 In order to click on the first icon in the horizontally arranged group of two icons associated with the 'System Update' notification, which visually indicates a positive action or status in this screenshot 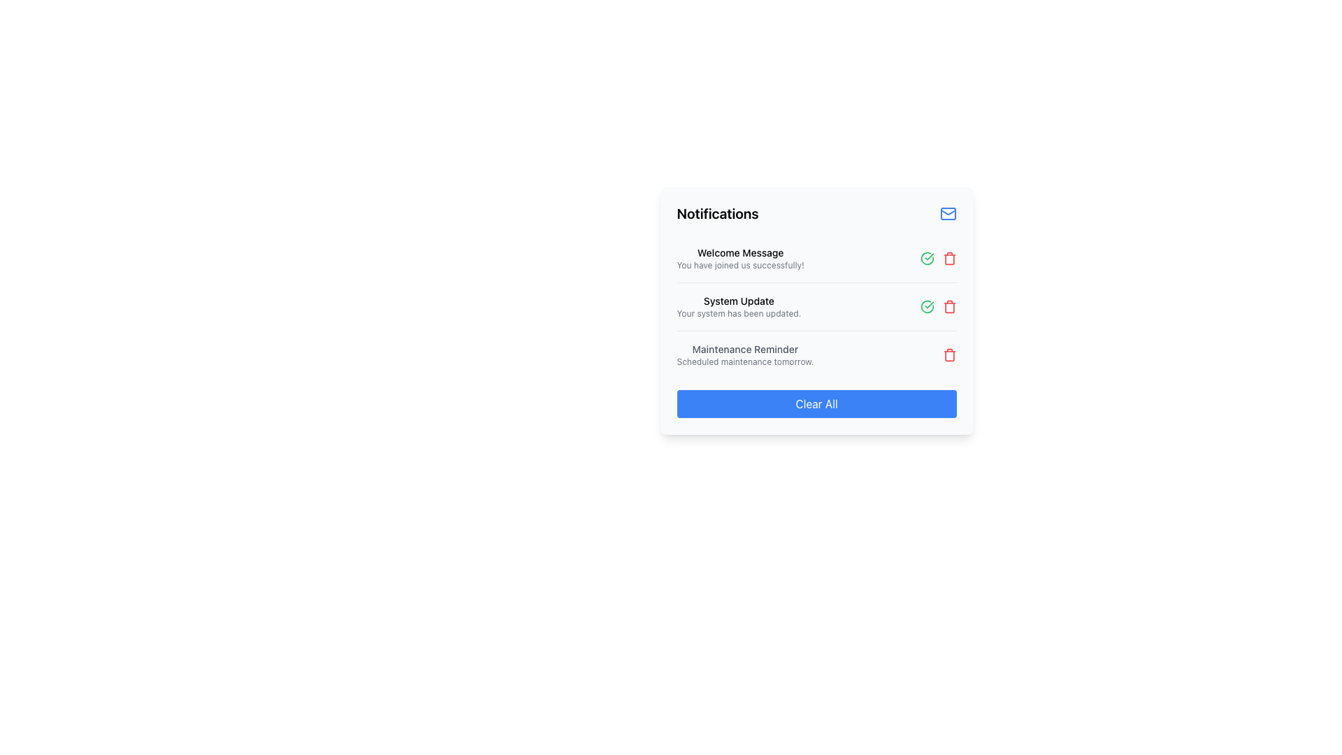, I will do `click(927, 306)`.